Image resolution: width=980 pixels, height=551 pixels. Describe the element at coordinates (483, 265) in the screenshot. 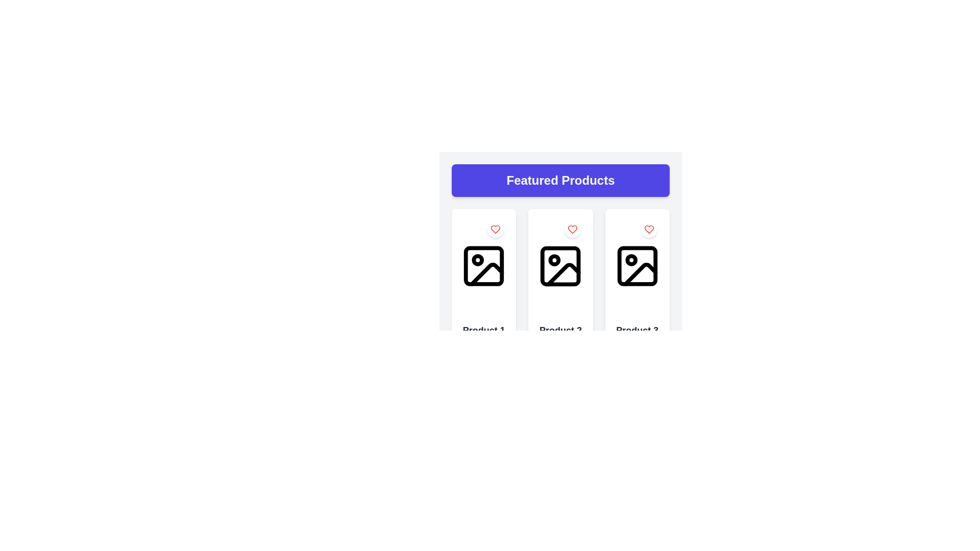

I see `the small rectangular shape with rounded corners that is part of the image icon in the first product card under the 'Featured Products' header` at that location.